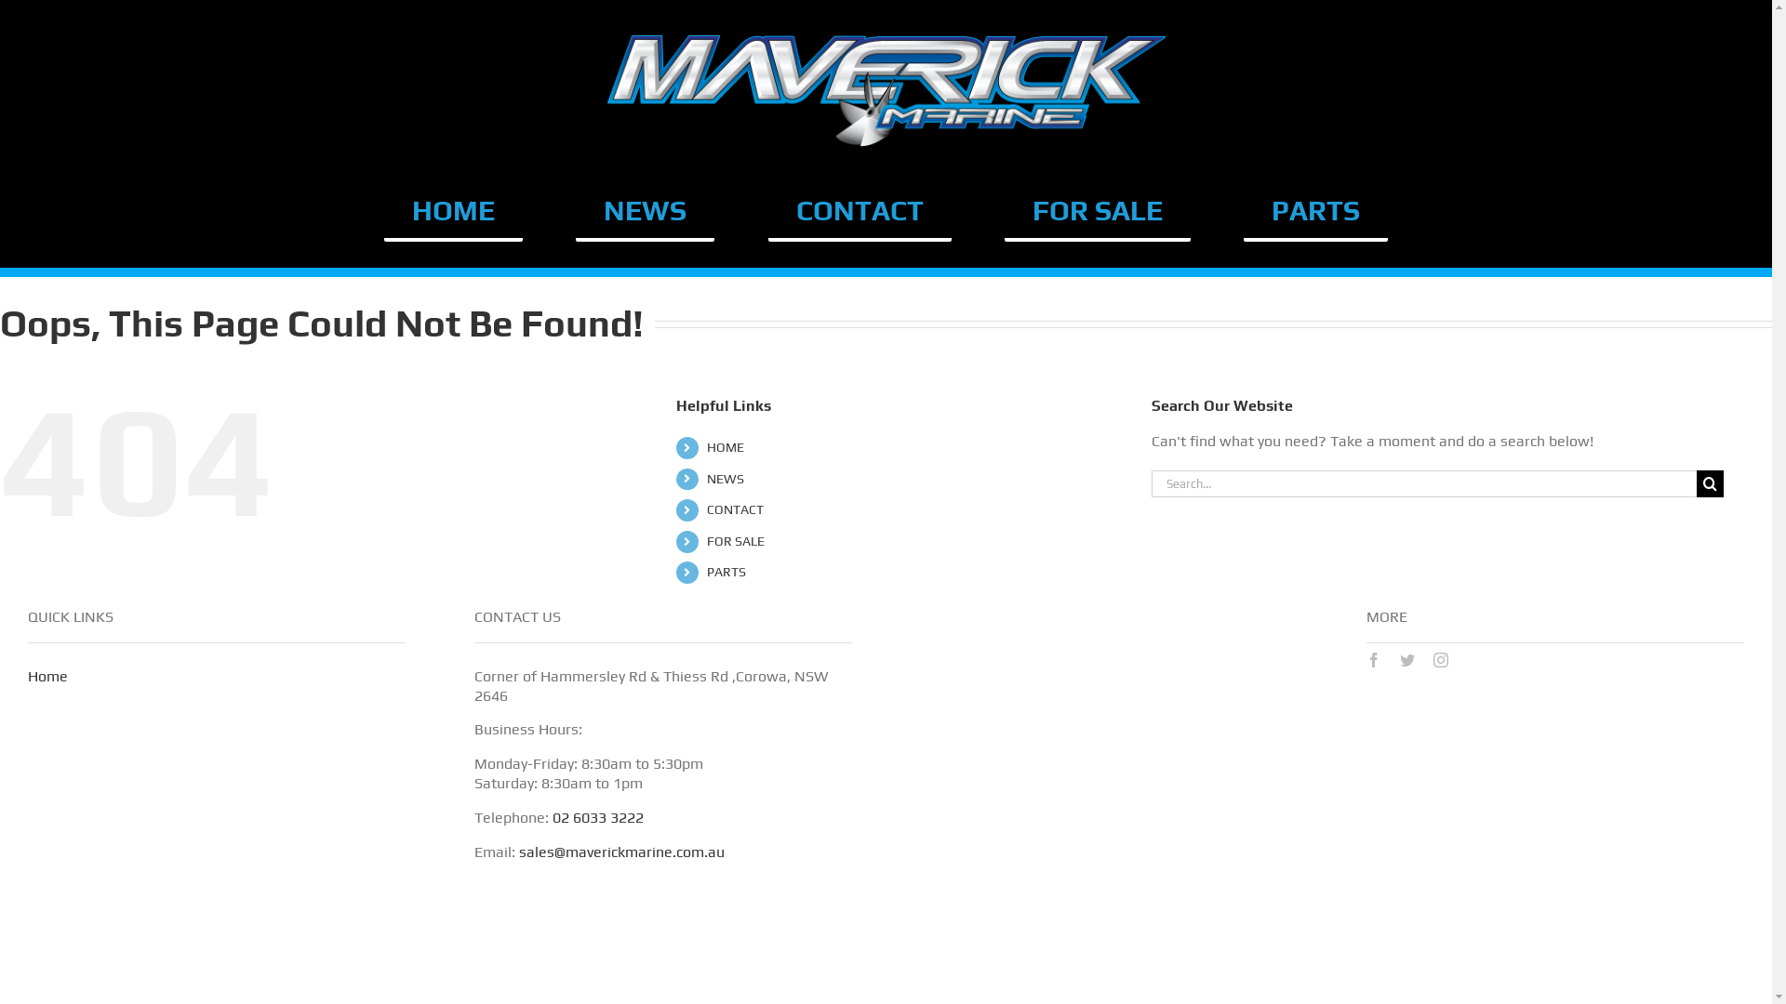 This screenshot has width=1786, height=1004. Describe the element at coordinates (734, 509) in the screenshot. I see `'CONTACT'` at that location.